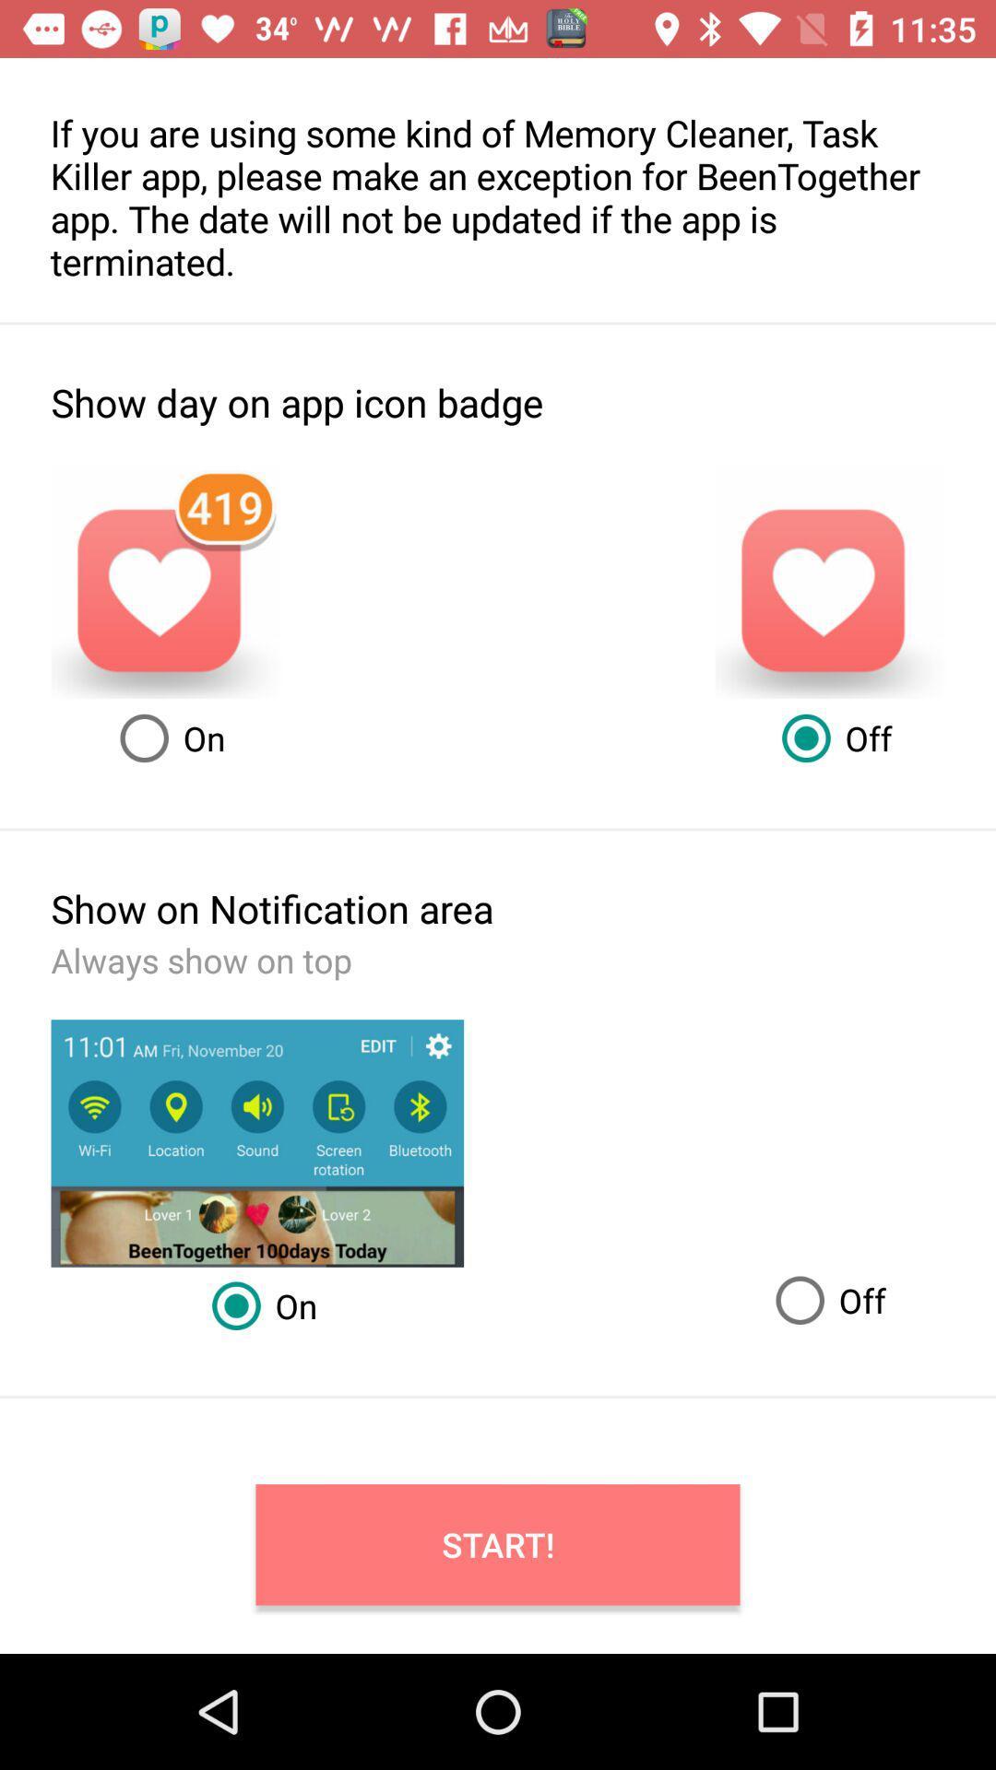 The image size is (996, 1770). Describe the element at coordinates (257, 1142) in the screenshot. I see `the image above on radio button` at that location.